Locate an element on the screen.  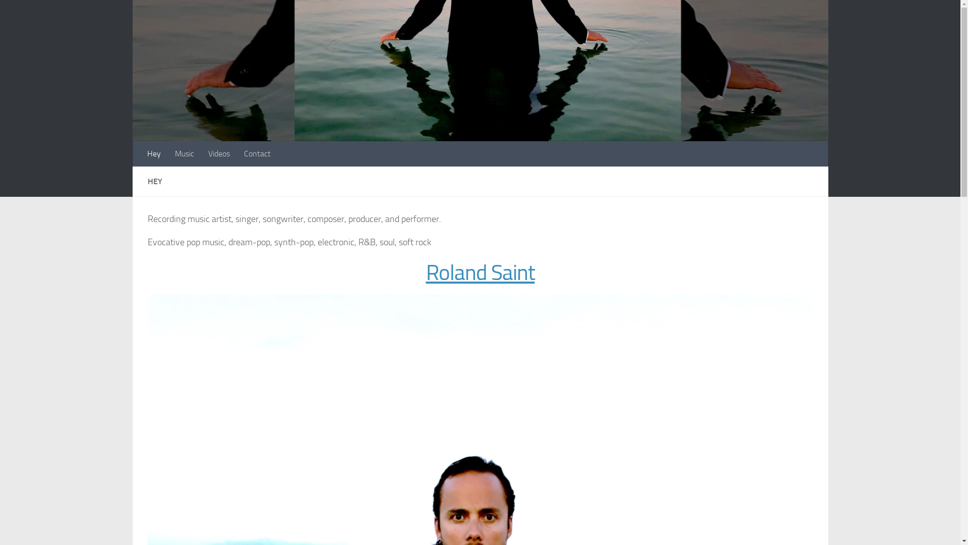
'Videos' is located at coordinates (218, 153).